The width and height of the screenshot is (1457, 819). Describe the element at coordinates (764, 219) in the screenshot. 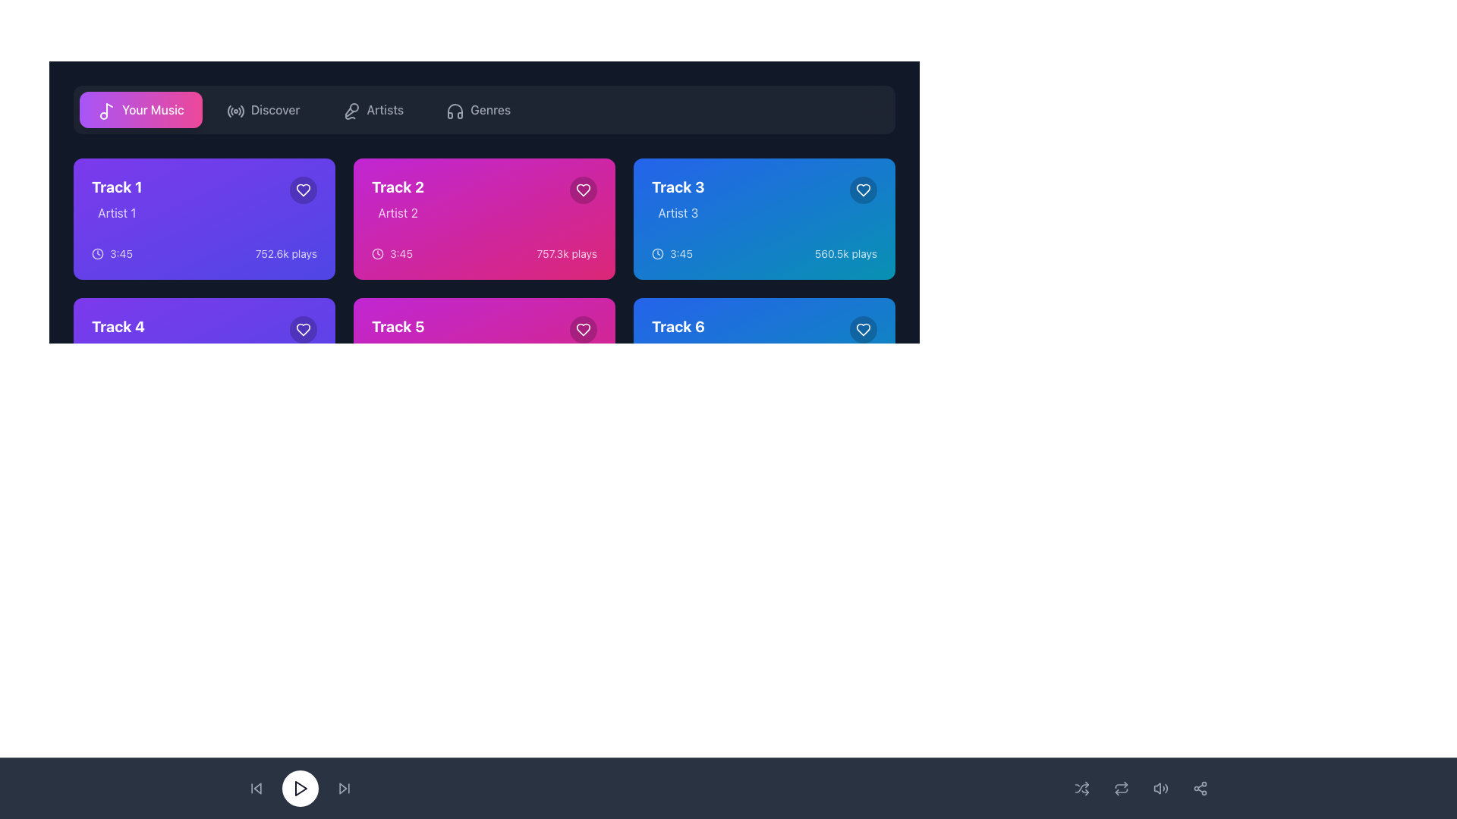

I see `the interactive music track card located in the top row, third column of the grid` at that location.